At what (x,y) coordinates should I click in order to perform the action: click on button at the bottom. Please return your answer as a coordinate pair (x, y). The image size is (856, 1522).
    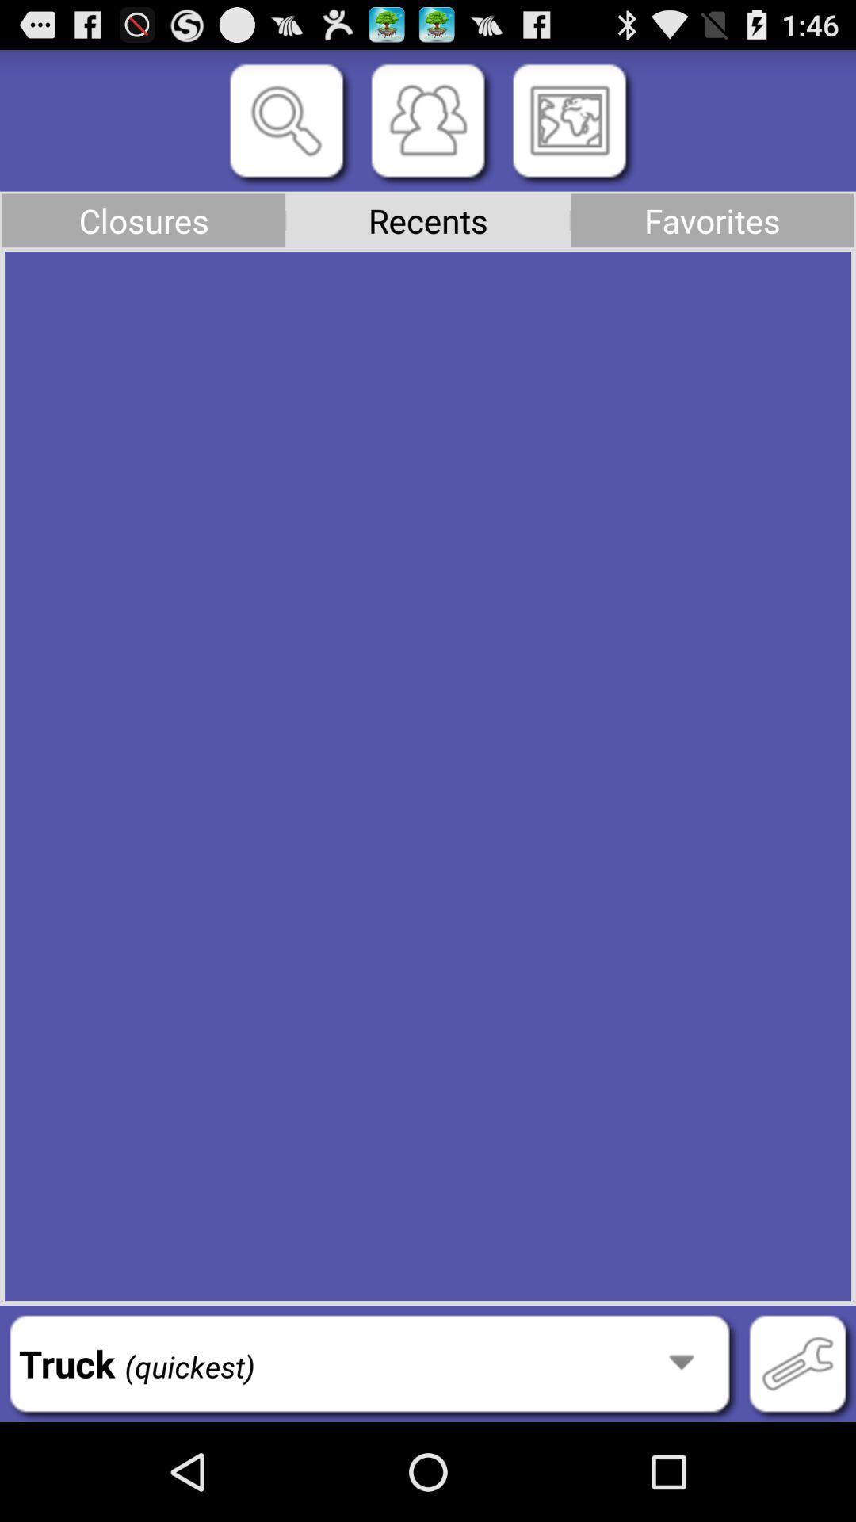
    Looking at the image, I should click on (369, 1363).